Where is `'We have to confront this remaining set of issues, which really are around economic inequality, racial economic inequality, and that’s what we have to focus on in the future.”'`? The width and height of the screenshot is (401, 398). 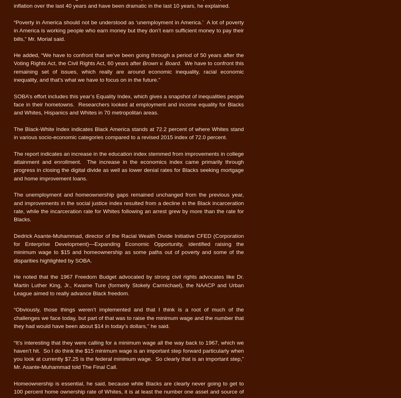
'We have to confront this remaining set of issues, which really are around economic inequality, racial economic inequality, and that’s what we have to focus on in the future.”' is located at coordinates (13, 72).